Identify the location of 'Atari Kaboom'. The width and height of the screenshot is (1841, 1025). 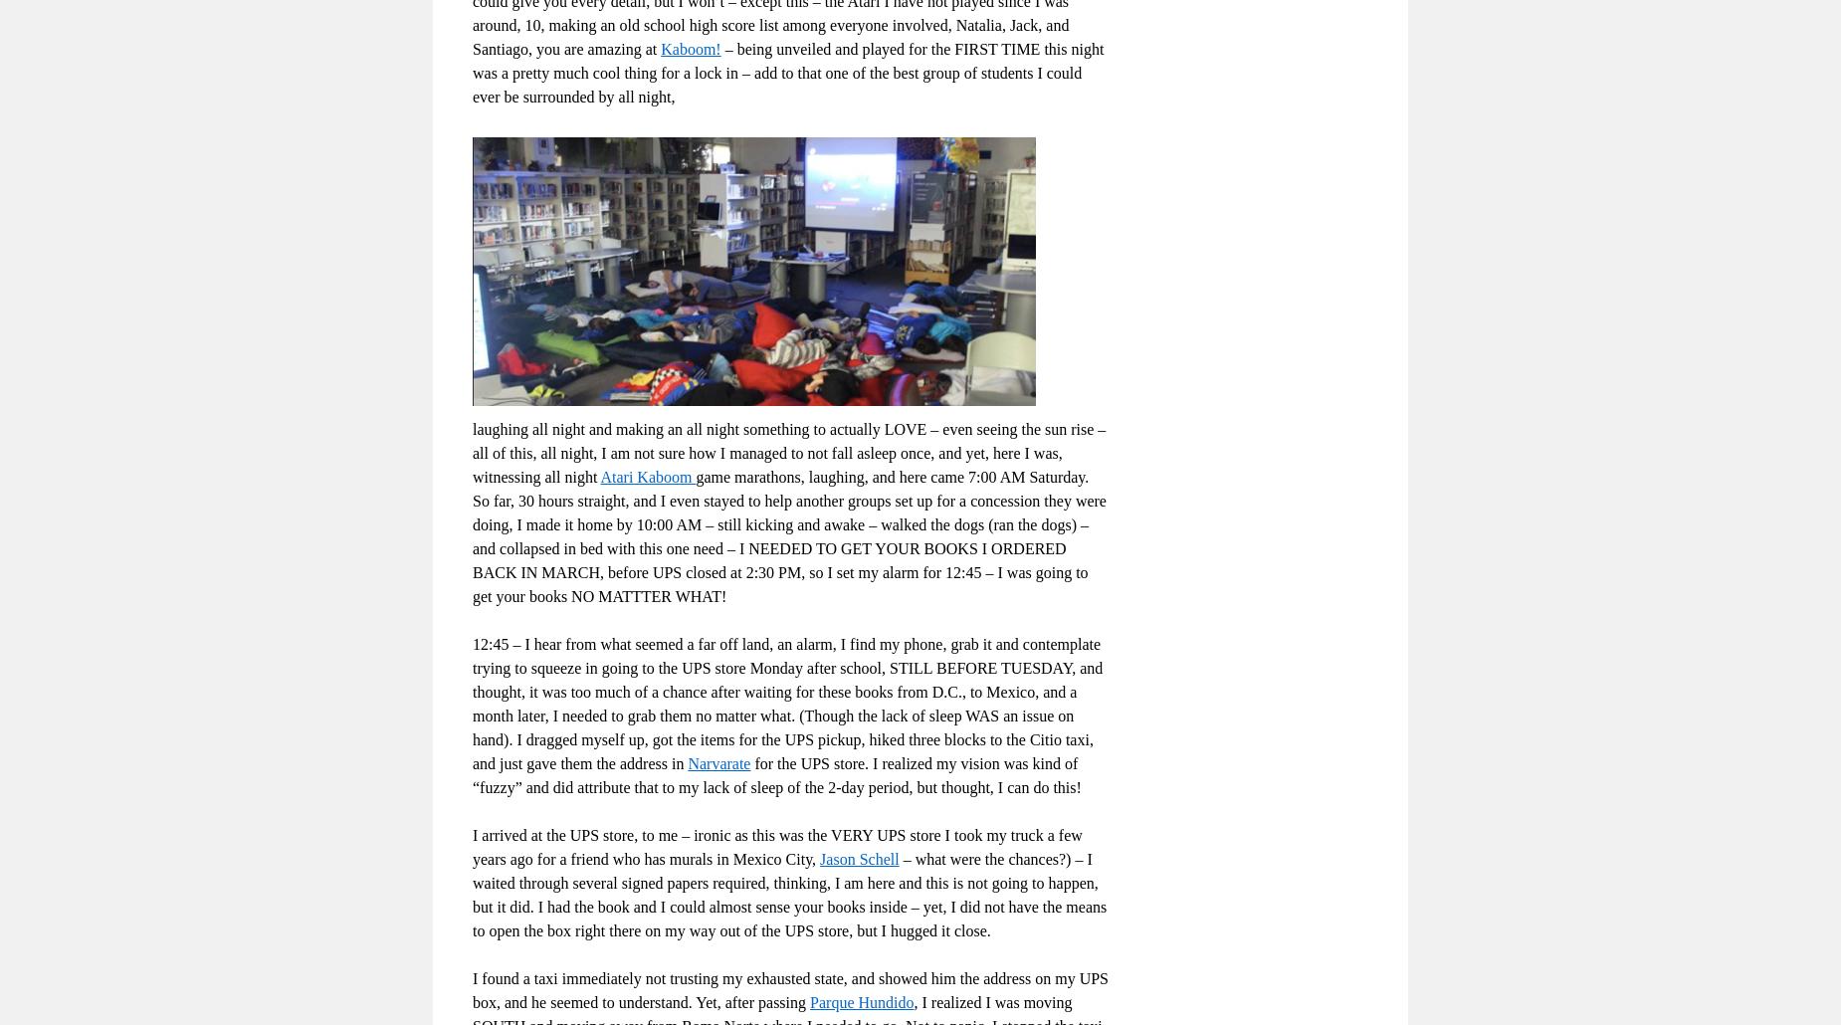
(648, 475).